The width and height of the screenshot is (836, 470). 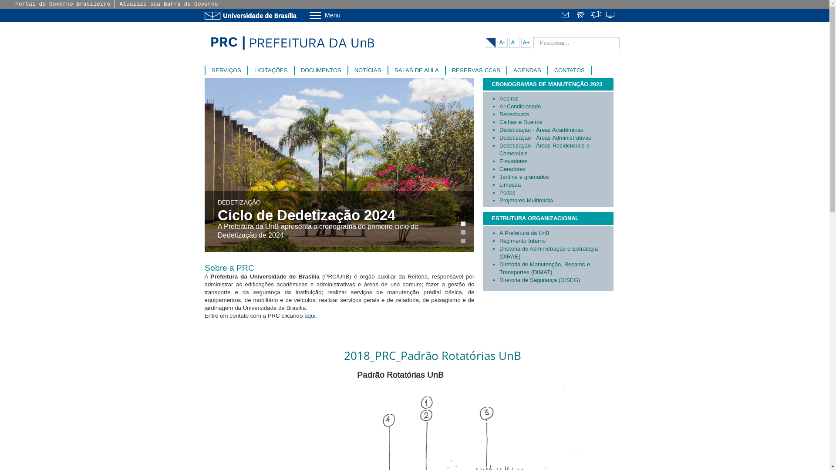 What do you see at coordinates (499, 161) in the screenshot?
I see `'Elevadores'` at bounding box center [499, 161].